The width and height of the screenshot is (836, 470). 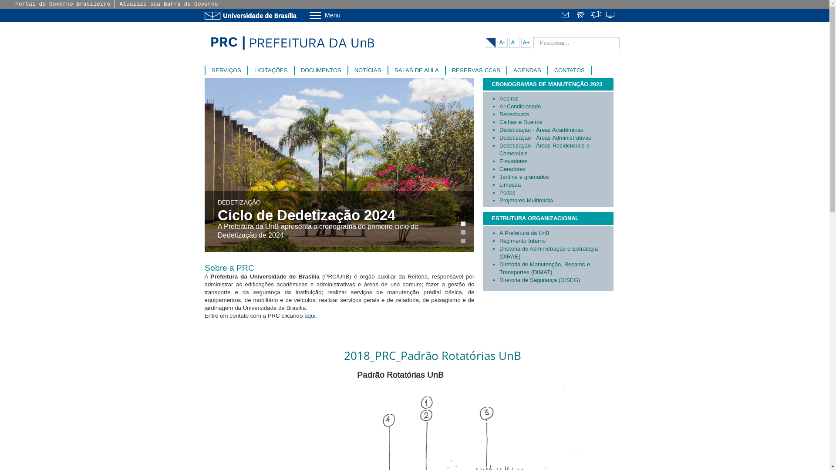 What do you see at coordinates (499, 161) in the screenshot?
I see `'Elevadores'` at bounding box center [499, 161].